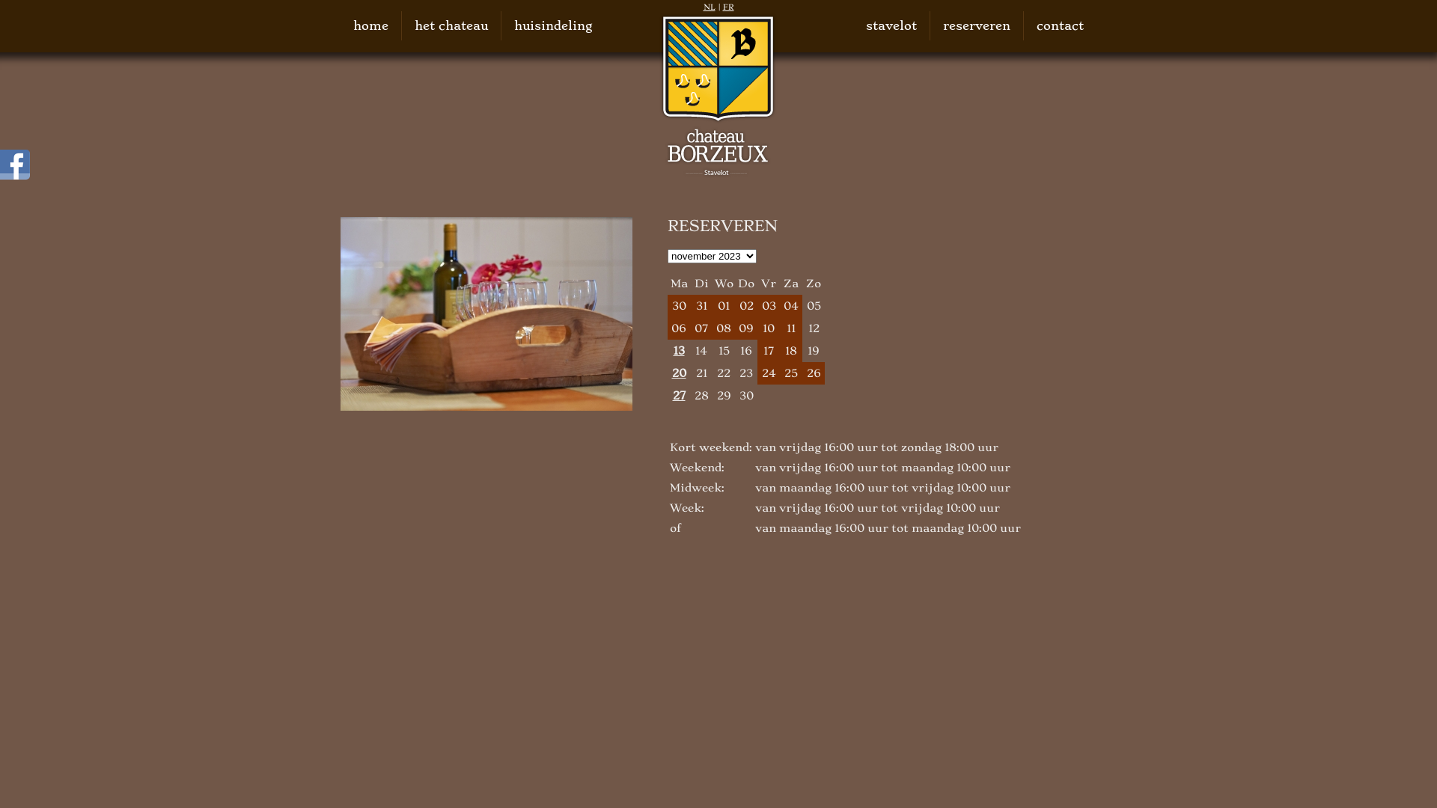 This screenshot has width=1437, height=808. Describe the element at coordinates (865, 25) in the screenshot. I see `'stavelot'` at that location.